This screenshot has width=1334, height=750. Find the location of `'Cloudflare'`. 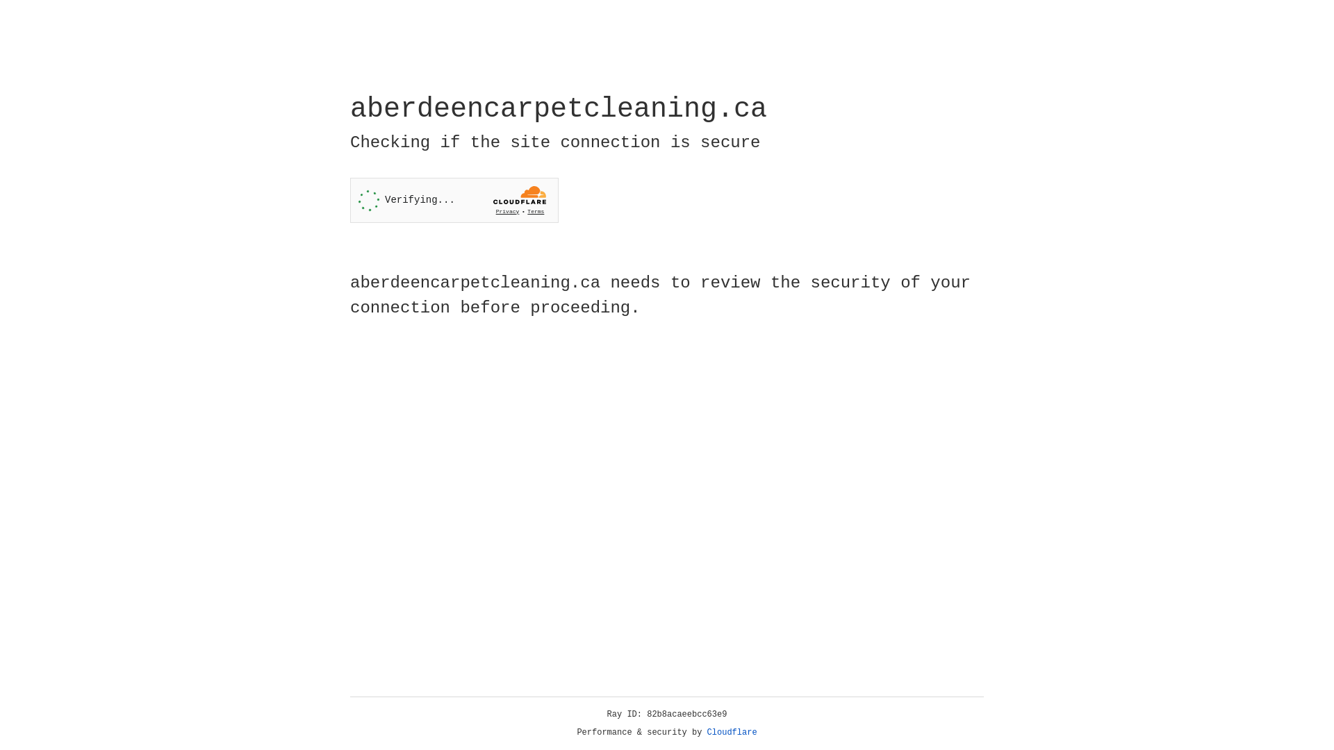

'Cloudflare' is located at coordinates (732, 732).